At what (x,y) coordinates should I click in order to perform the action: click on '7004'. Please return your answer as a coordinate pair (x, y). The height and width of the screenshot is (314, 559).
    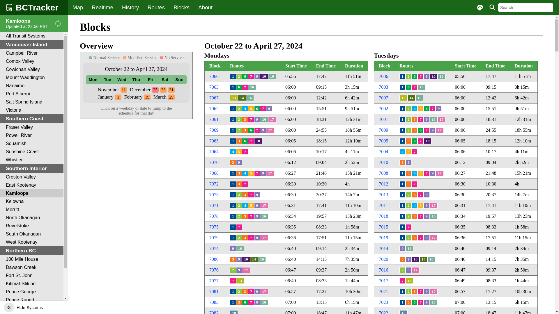
    Looking at the image, I should click on (383, 151).